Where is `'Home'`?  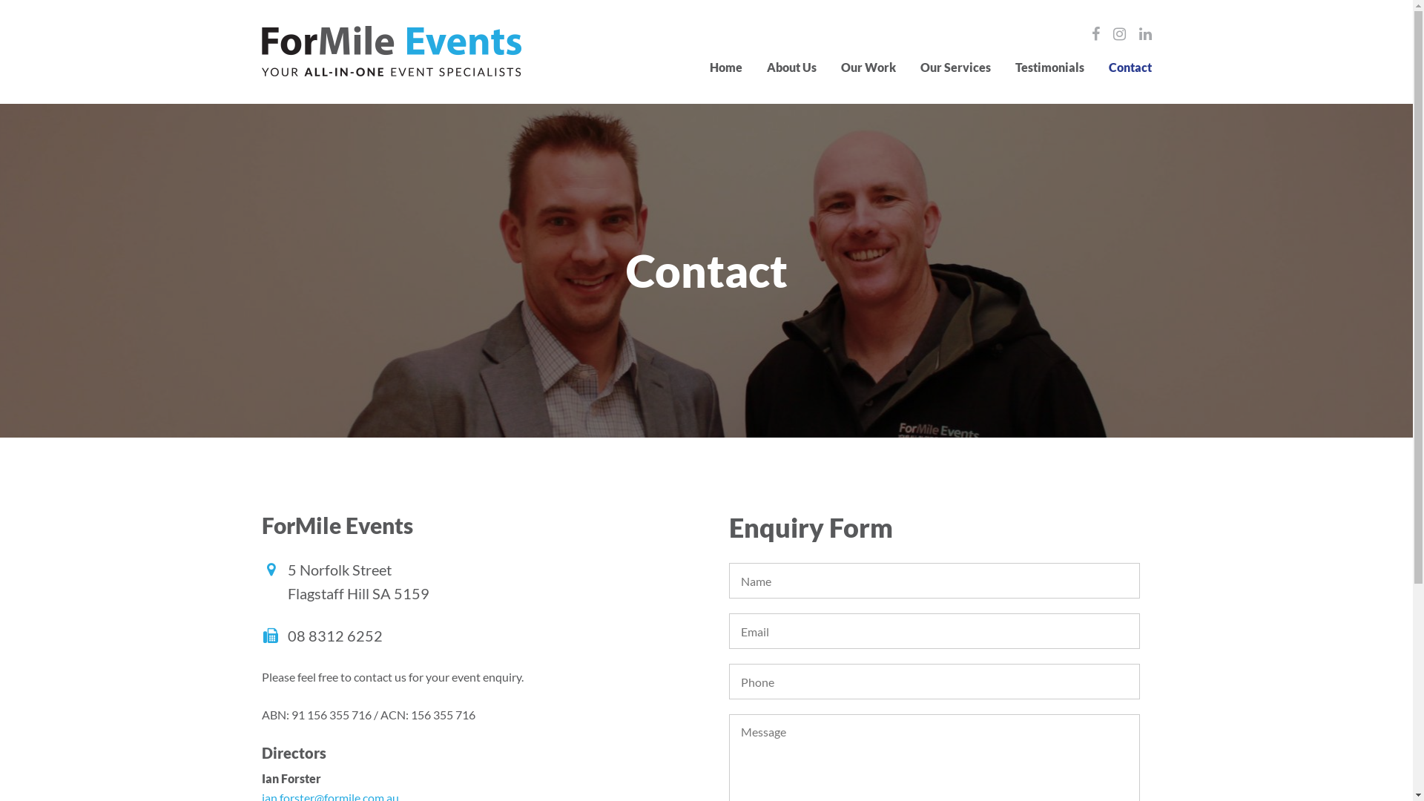
'Home' is located at coordinates (725, 67).